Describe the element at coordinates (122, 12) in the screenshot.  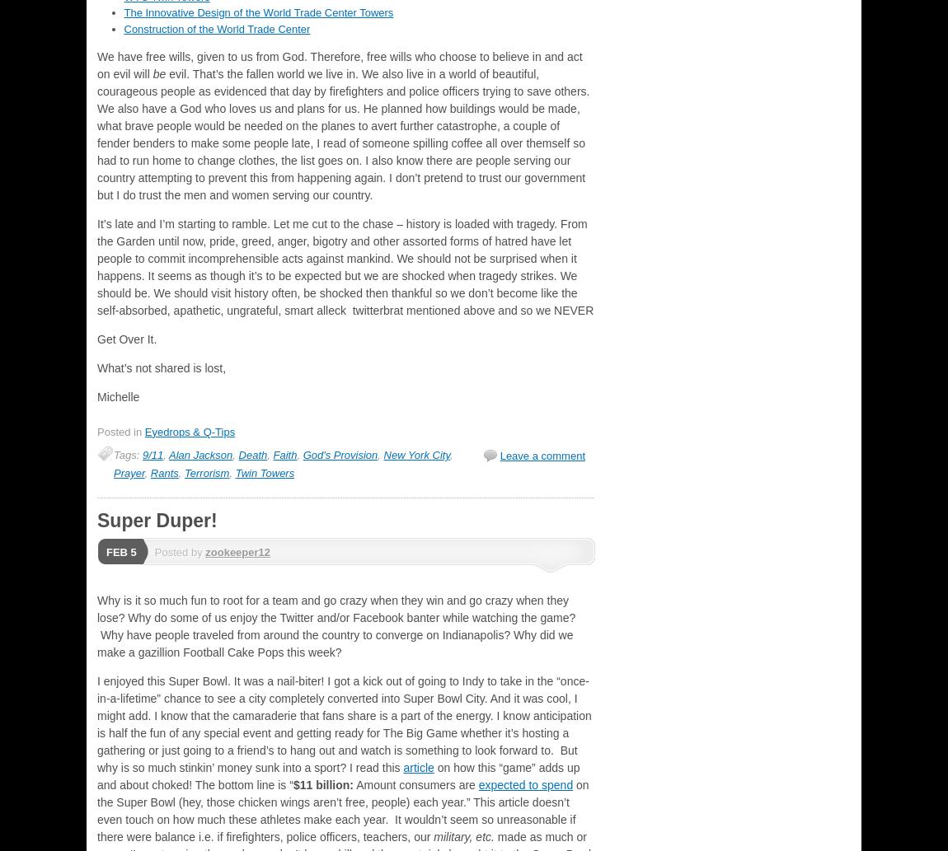
I see `'The Innovative Design of the World Trade Center Towers'` at that location.